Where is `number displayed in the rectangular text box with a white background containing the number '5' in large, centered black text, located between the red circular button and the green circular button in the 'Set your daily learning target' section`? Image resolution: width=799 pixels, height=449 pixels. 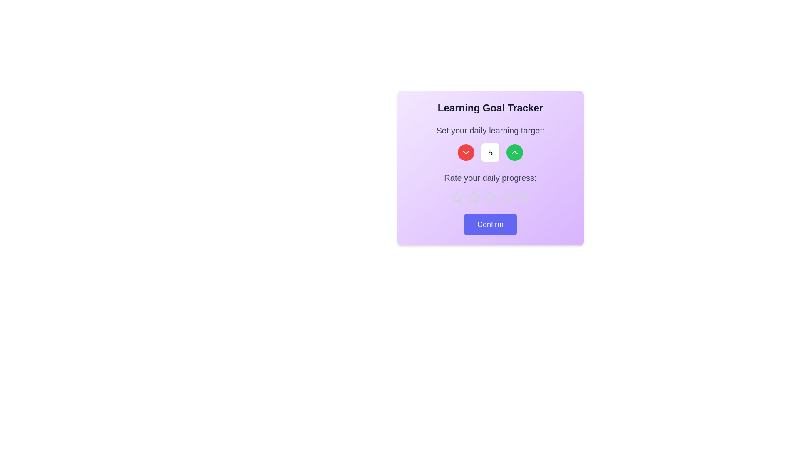 number displayed in the rectangular text box with a white background containing the number '5' in large, centered black text, located between the red circular button and the green circular button in the 'Set your daily learning target' section is located at coordinates (490, 152).